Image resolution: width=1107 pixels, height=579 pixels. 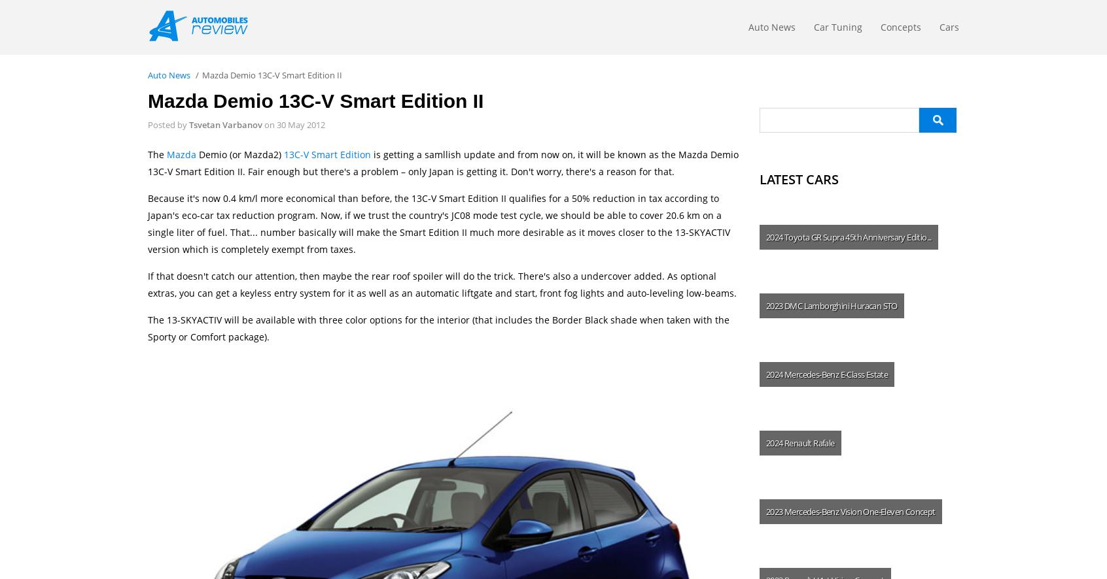 I want to click on 'Mercedes-Benz E-Class Estate', so click(x=835, y=374).